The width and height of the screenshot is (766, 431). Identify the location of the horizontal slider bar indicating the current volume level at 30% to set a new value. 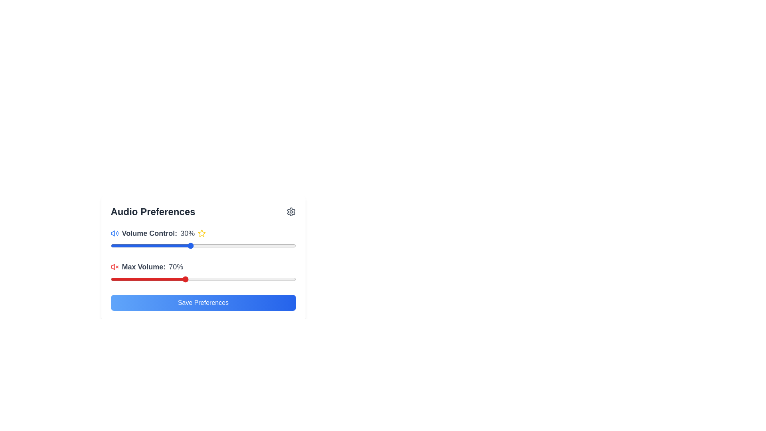
(203, 245).